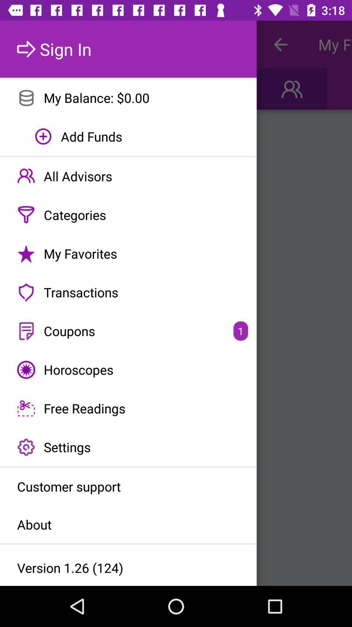 The height and width of the screenshot is (627, 352). What do you see at coordinates (128, 49) in the screenshot?
I see `the sign in` at bounding box center [128, 49].